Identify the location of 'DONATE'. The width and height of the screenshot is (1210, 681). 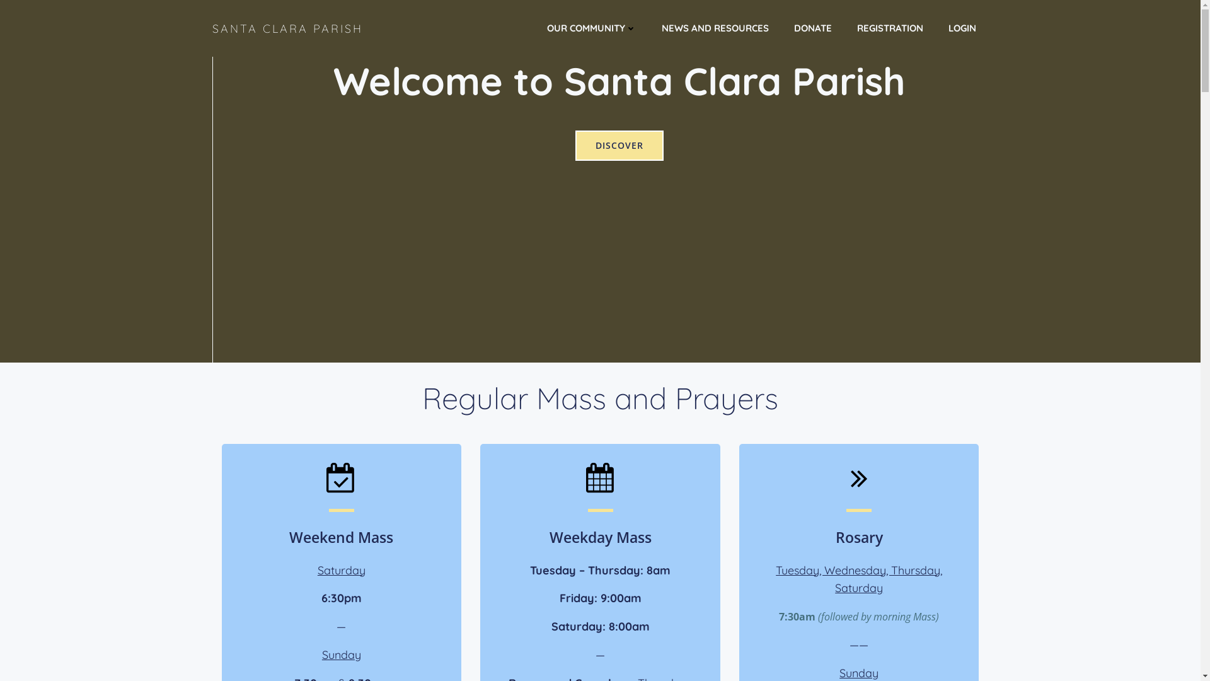
(813, 28).